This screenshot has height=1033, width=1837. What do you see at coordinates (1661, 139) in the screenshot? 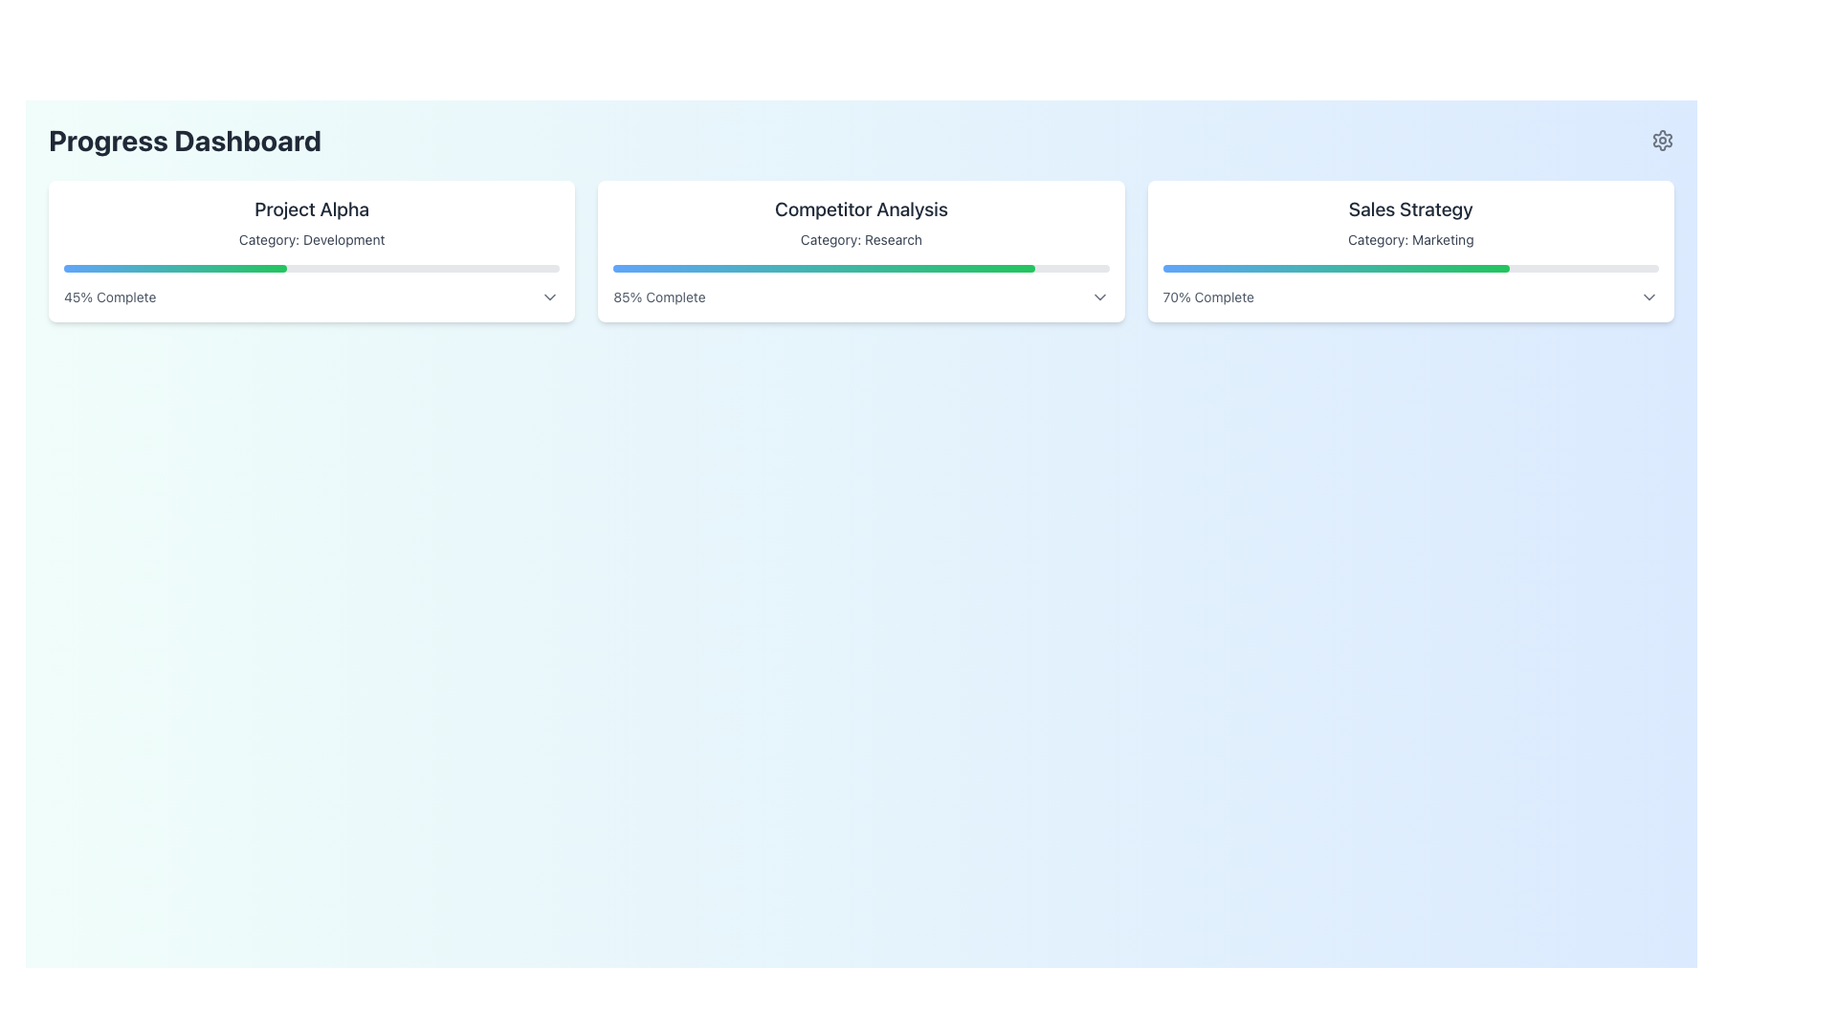
I see `the gear-shaped icon in the top-right corner of the interface, which is associated with settings or configuration` at bounding box center [1661, 139].